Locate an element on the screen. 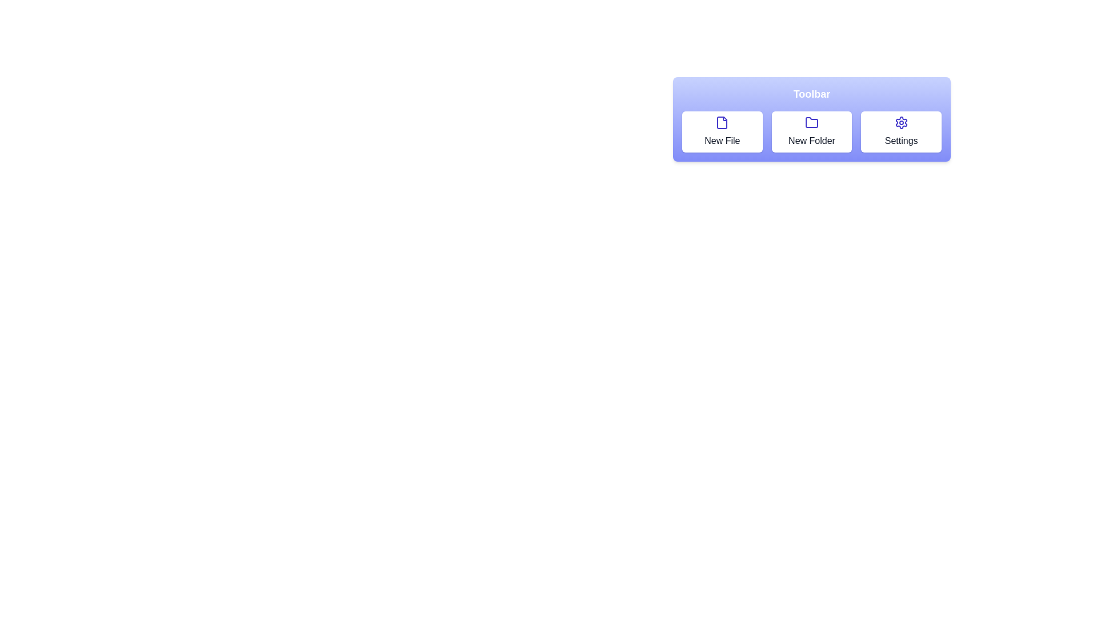  the 'New File' text label located within the button-like component on the leftmost side of the horizontal toolbar is located at coordinates (722, 140).